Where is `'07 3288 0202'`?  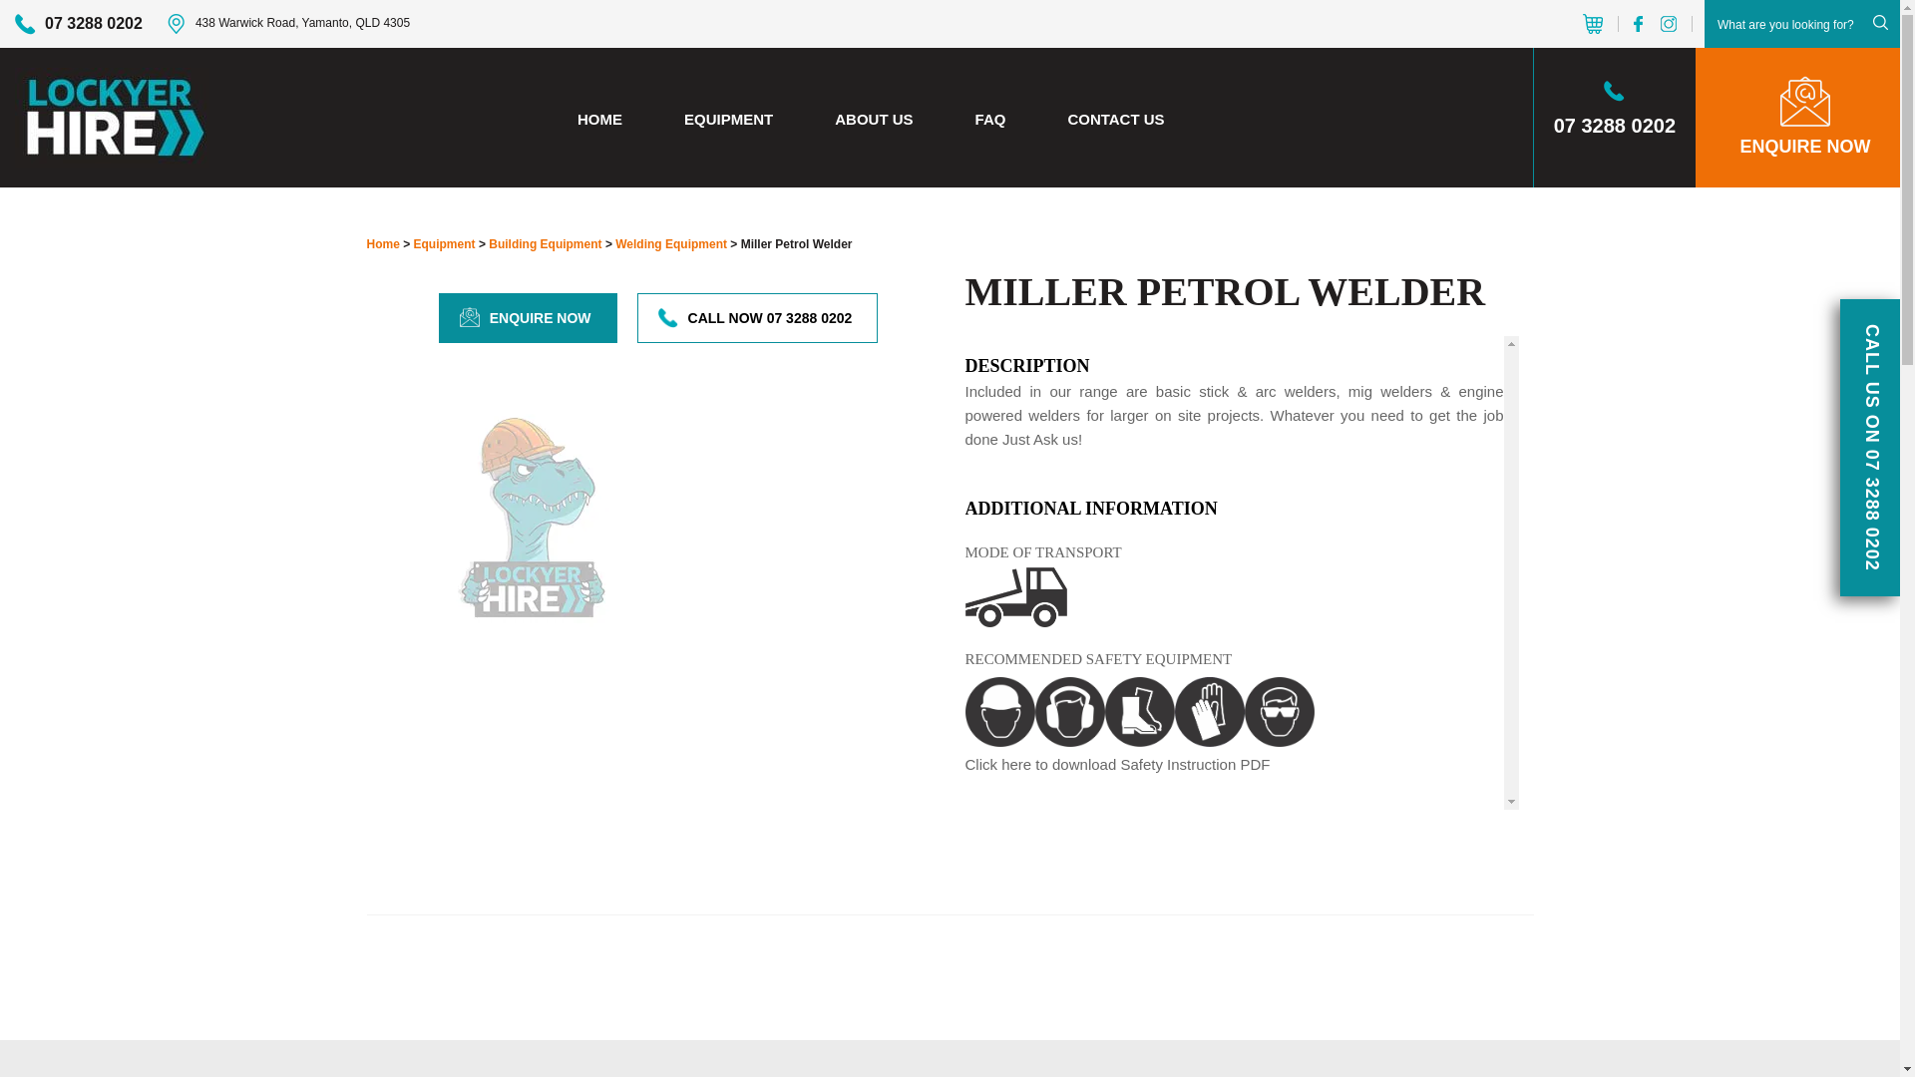
'07 3288 0202' is located at coordinates (1614, 117).